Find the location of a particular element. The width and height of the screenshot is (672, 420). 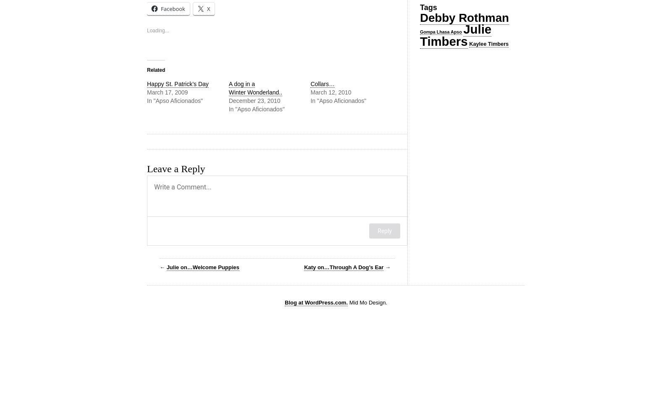

'Reply' is located at coordinates (377, 231).